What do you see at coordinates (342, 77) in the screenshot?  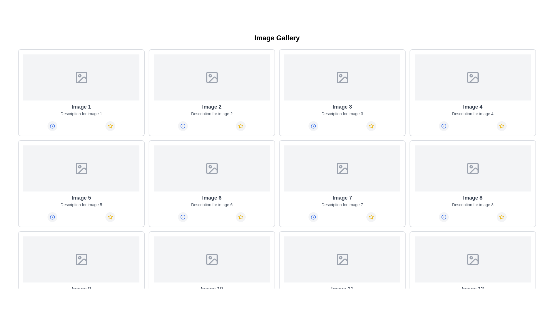 I see `the image placeholder located in the third card of the first row, which serves as a placeholder for an image` at bounding box center [342, 77].